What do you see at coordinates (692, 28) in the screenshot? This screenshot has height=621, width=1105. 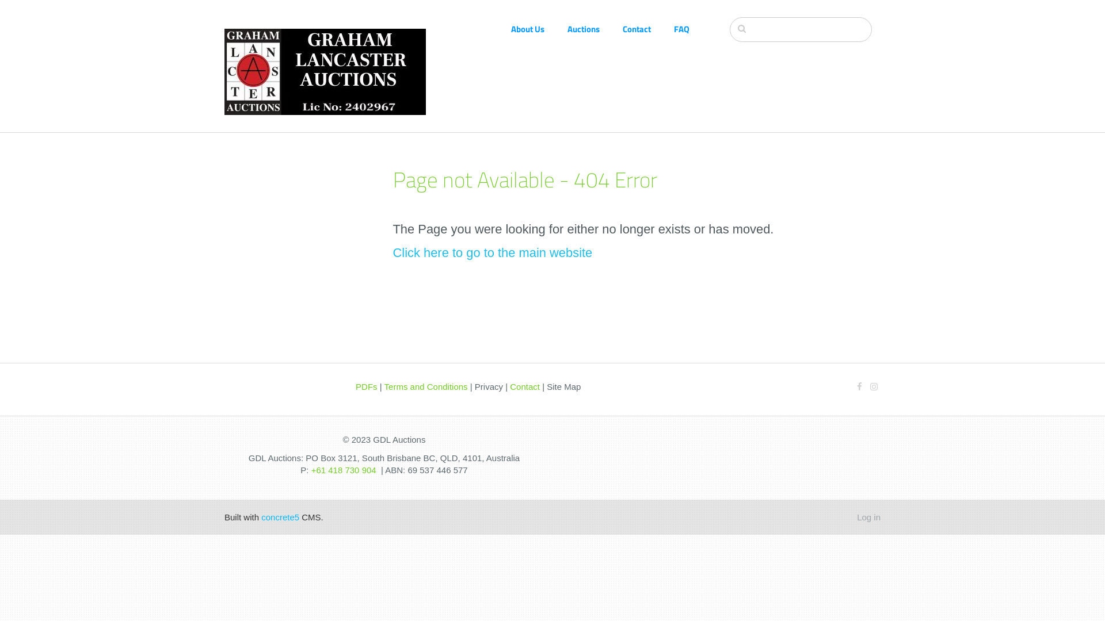 I see `'FAQ'` at bounding box center [692, 28].